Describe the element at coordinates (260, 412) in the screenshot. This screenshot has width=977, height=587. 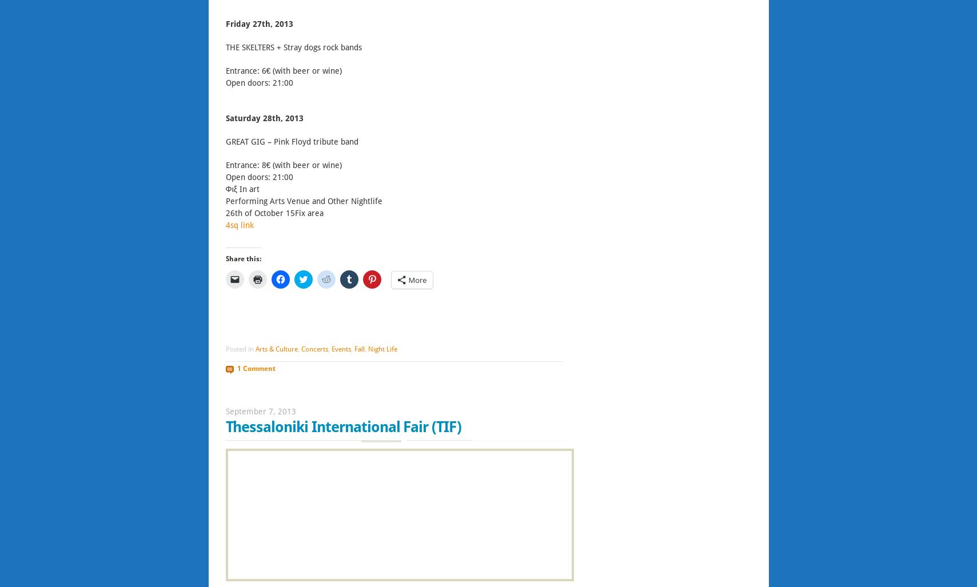
I see `'September 7, 2013'` at that location.